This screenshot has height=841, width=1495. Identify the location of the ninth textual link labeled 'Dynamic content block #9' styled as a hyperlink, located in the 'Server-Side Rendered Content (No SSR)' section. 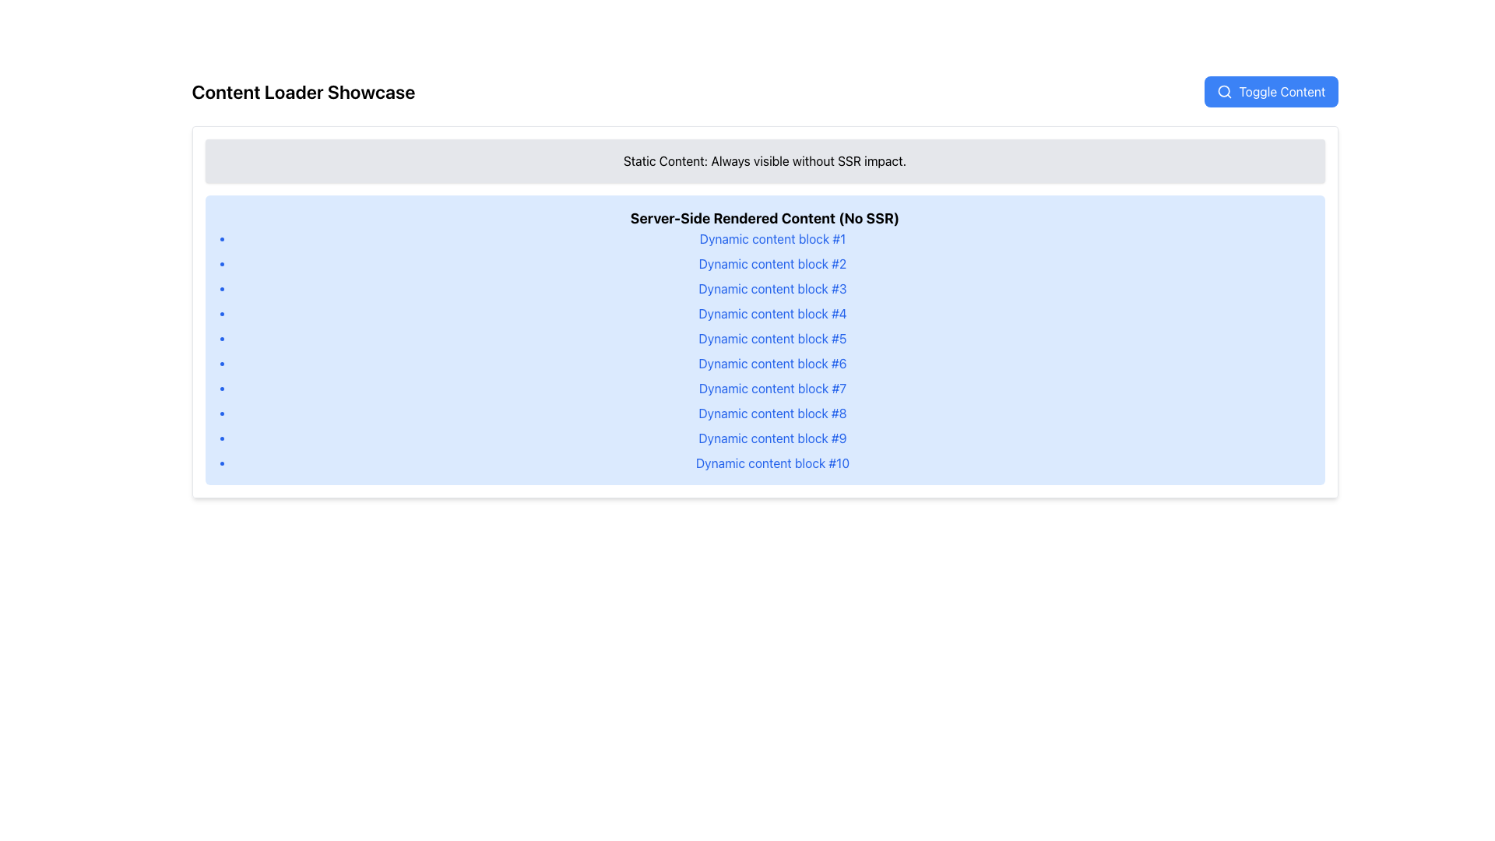
(772, 438).